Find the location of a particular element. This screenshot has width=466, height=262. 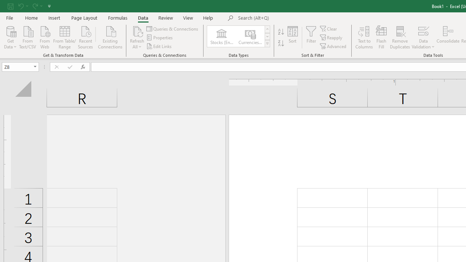

'From Text/CSV' is located at coordinates (28, 37).